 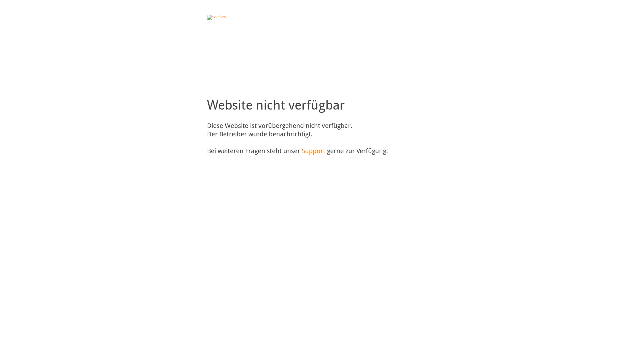 I want to click on 'Support', so click(x=313, y=151).